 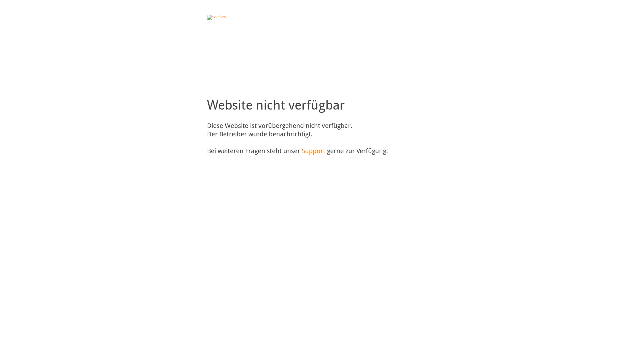 I want to click on 'Support', so click(x=313, y=151).